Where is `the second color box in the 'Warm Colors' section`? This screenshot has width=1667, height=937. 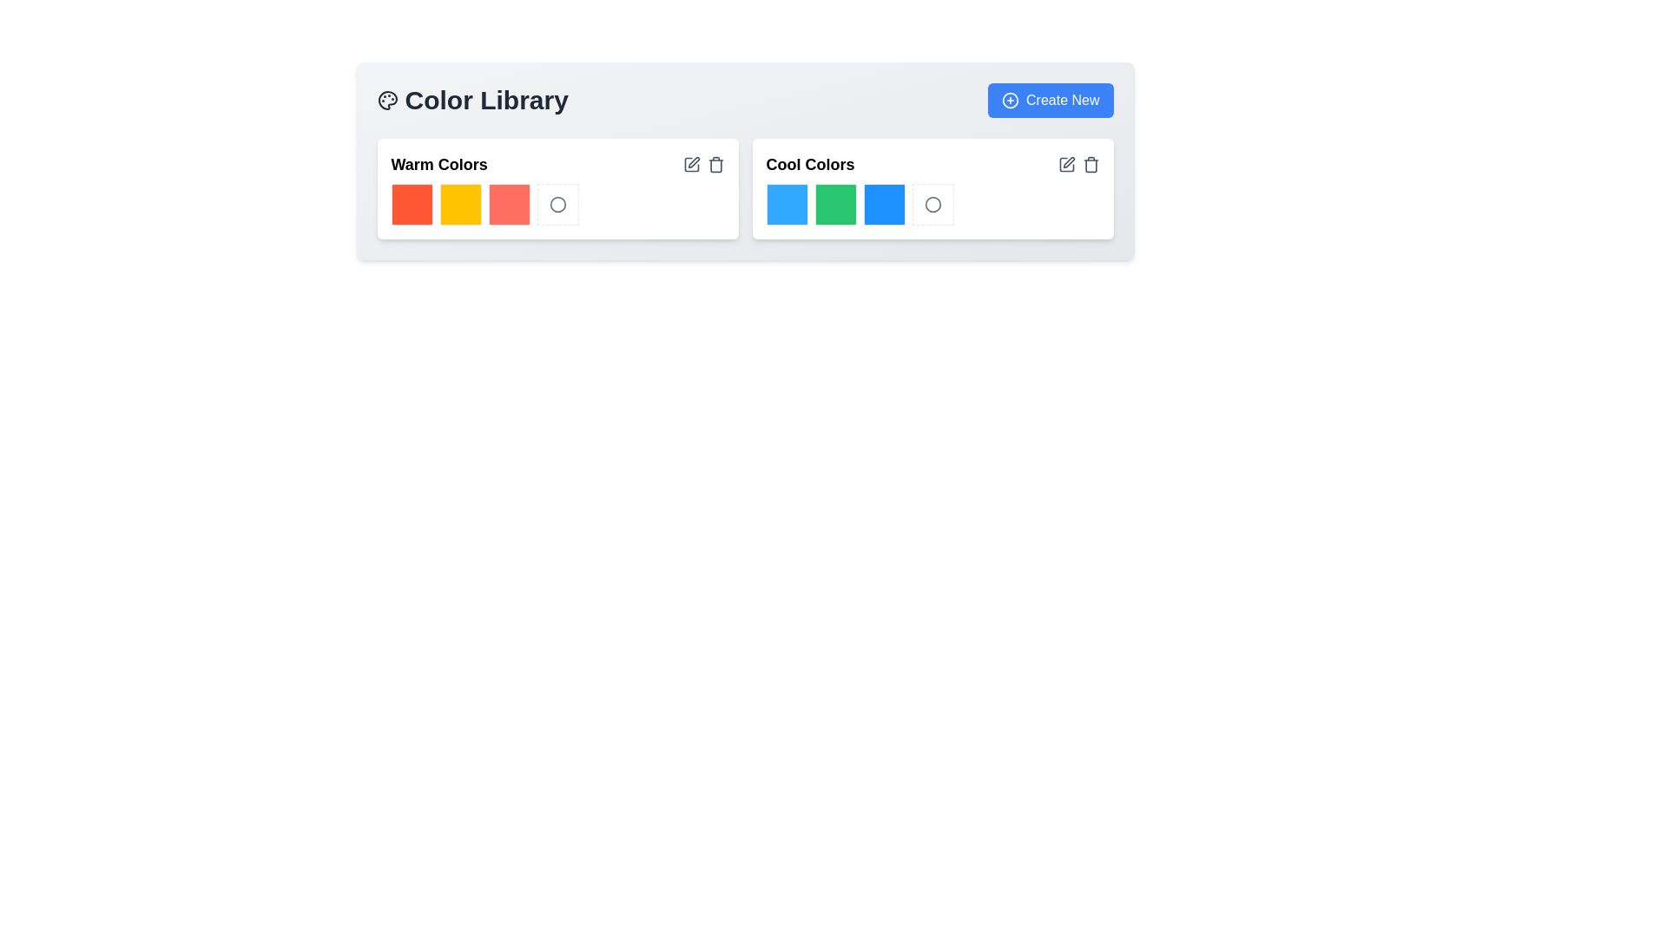
the second color box in the 'Warm Colors' section is located at coordinates (460, 203).